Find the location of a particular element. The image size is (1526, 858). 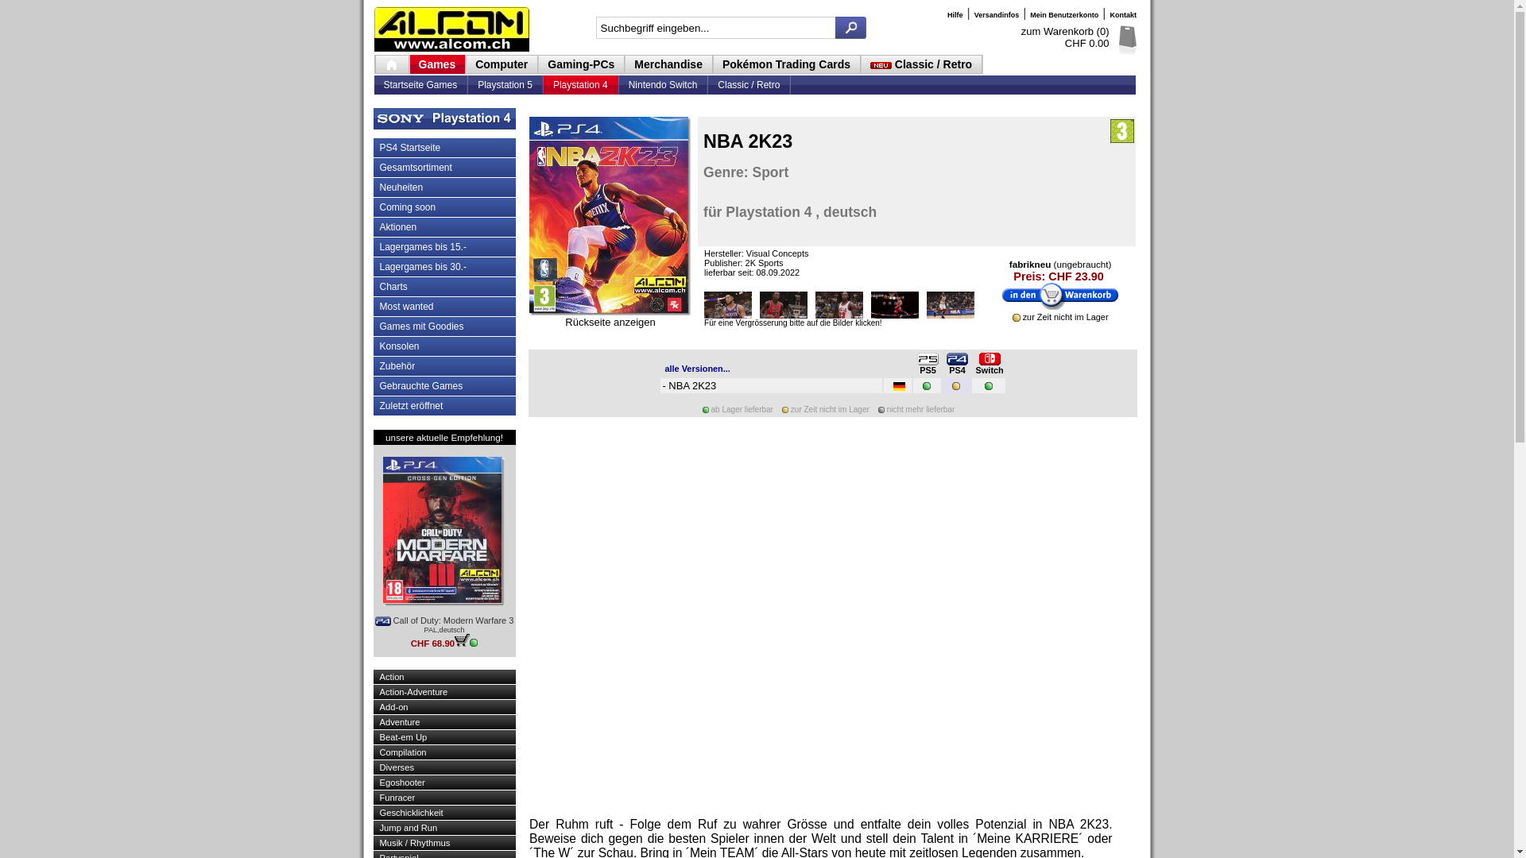

'Konsolen' is located at coordinates (373, 345).